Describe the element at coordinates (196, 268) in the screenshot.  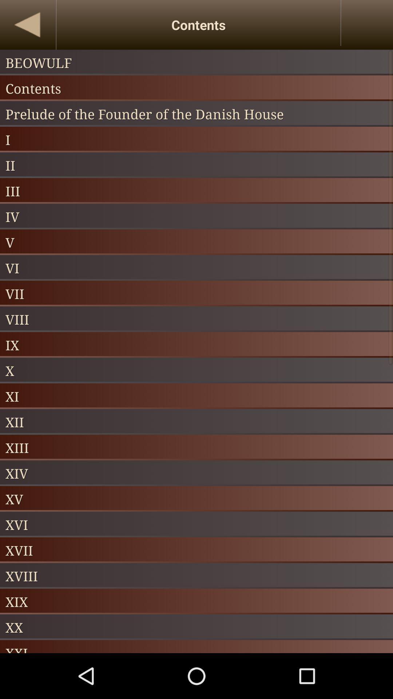
I see `icon above the vii icon` at that location.